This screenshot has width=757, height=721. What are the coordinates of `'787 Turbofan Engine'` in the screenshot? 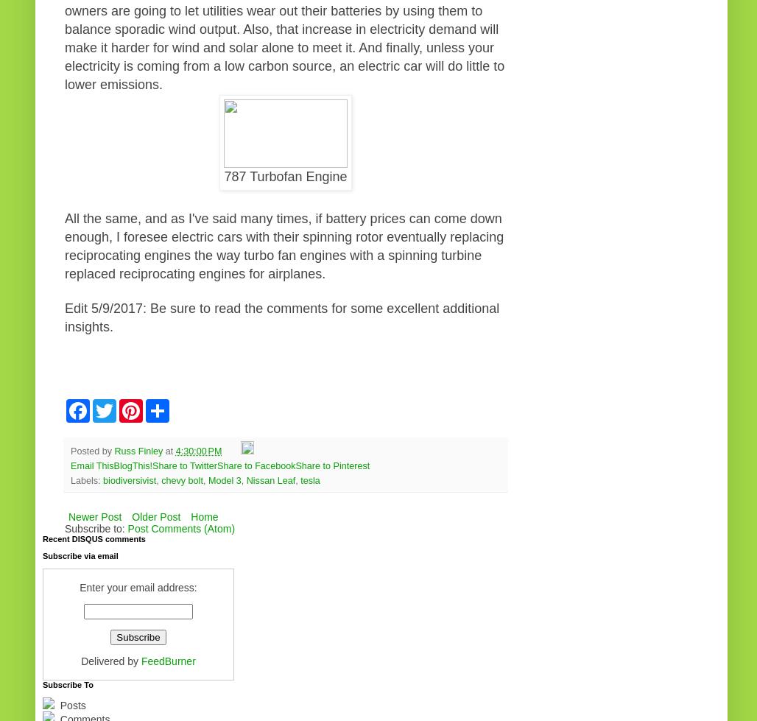 It's located at (285, 176).